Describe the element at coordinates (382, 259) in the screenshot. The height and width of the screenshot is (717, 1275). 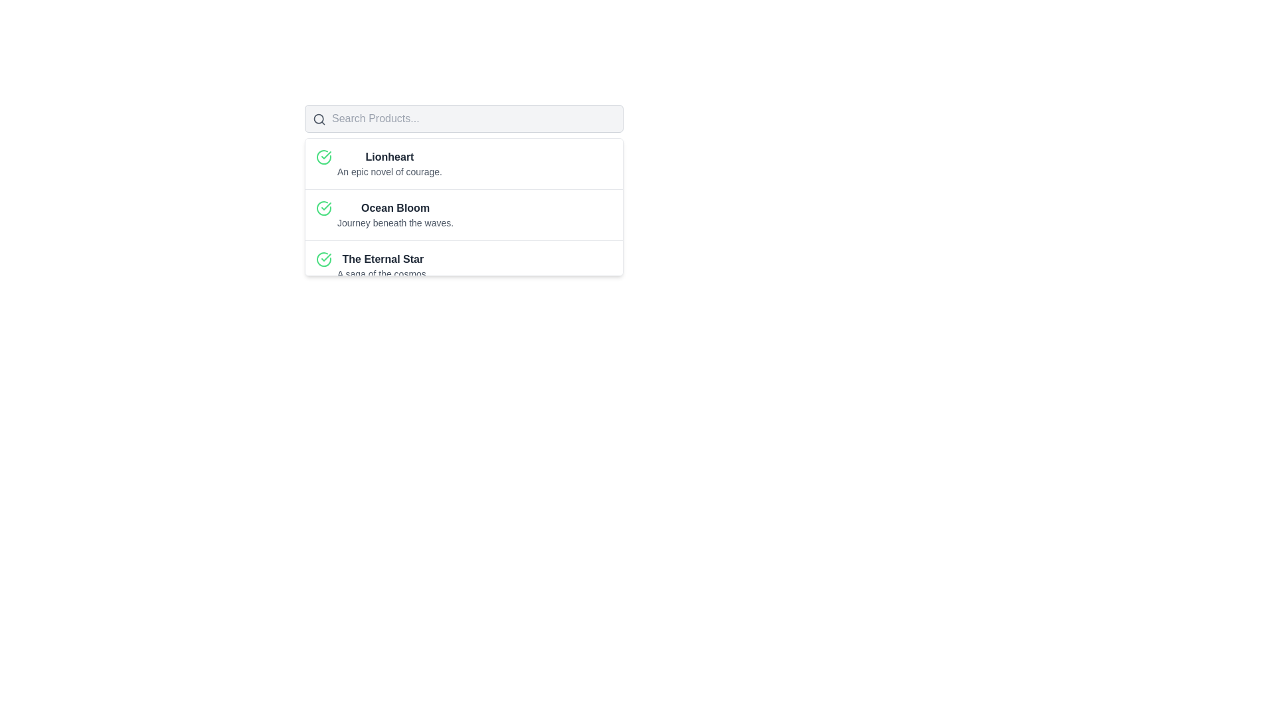
I see `the static text label displaying the title 'The Eternal Star' to possibly trigger a tooltip or visual highlight` at that location.